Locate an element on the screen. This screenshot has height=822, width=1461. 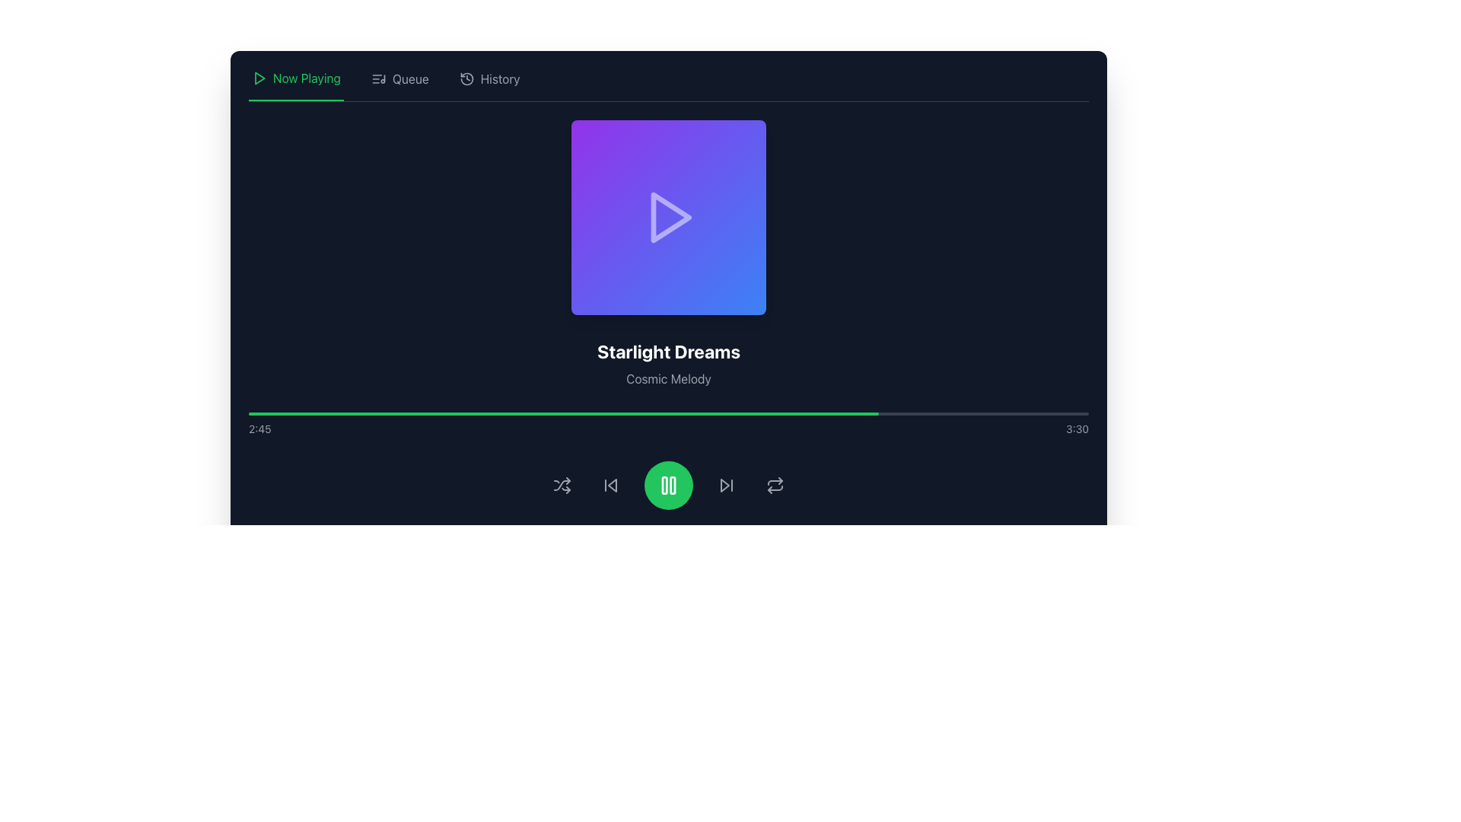
the text label displaying 'Cosmic Melody', which is styled in a lighter gray font color and positioned directly below 'Starlight Dreams' is located at coordinates (668, 378).